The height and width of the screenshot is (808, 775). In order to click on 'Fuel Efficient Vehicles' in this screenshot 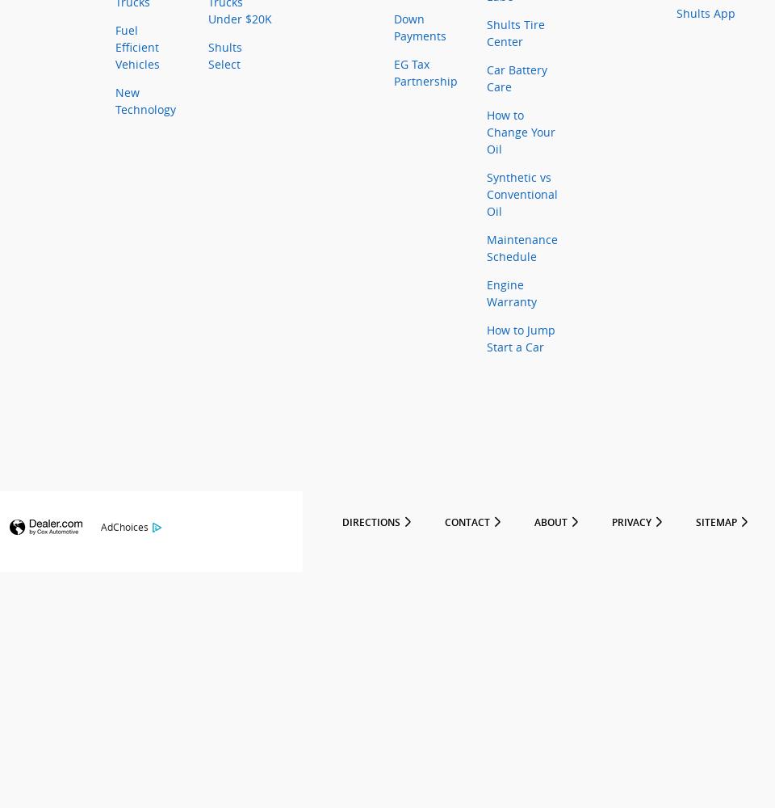, I will do `click(136, 47)`.